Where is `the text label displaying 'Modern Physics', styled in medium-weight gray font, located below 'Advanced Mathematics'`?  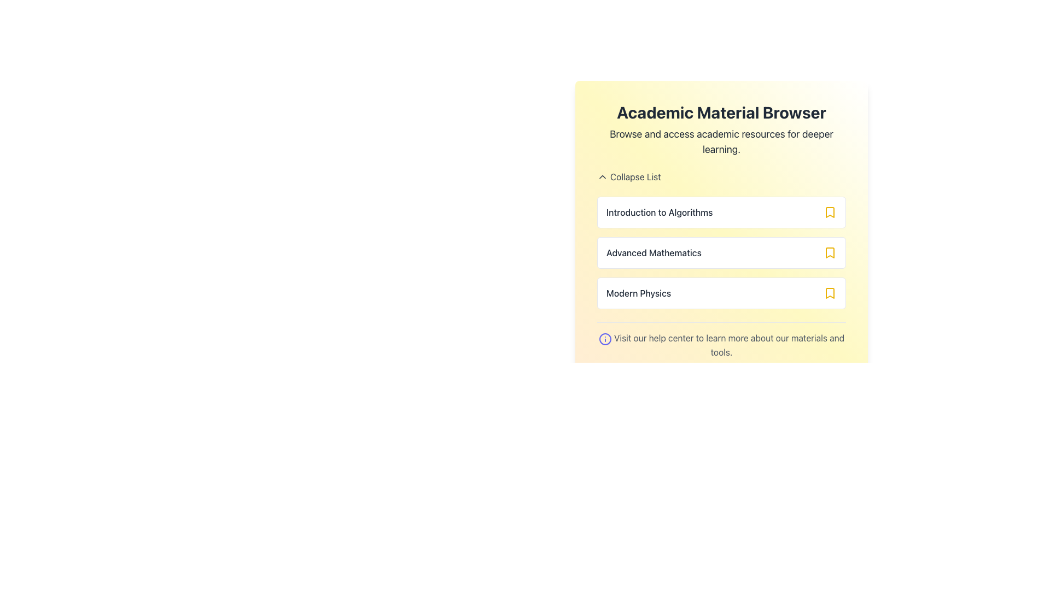 the text label displaying 'Modern Physics', styled in medium-weight gray font, located below 'Advanced Mathematics' is located at coordinates (639, 292).